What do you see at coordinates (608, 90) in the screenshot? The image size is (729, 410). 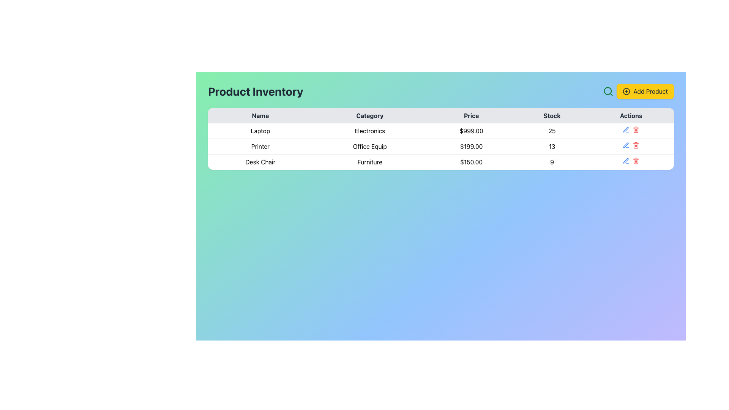 I see `the magnifying glass icon located to the left of the yellow 'Add Product' button in the header section of the interface` at bounding box center [608, 90].